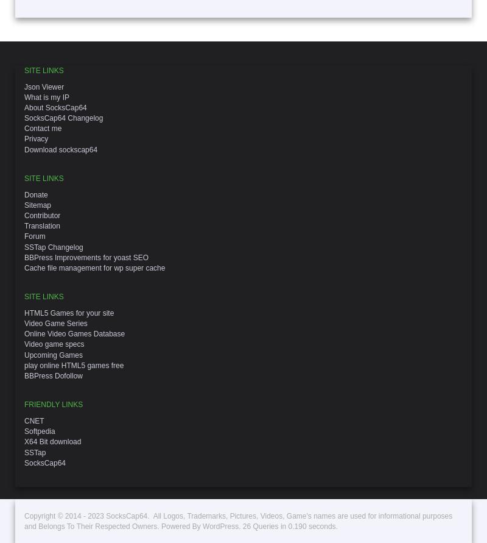 Image resolution: width=487 pixels, height=543 pixels. Describe the element at coordinates (44, 86) in the screenshot. I see `'Json Viewer'` at that location.